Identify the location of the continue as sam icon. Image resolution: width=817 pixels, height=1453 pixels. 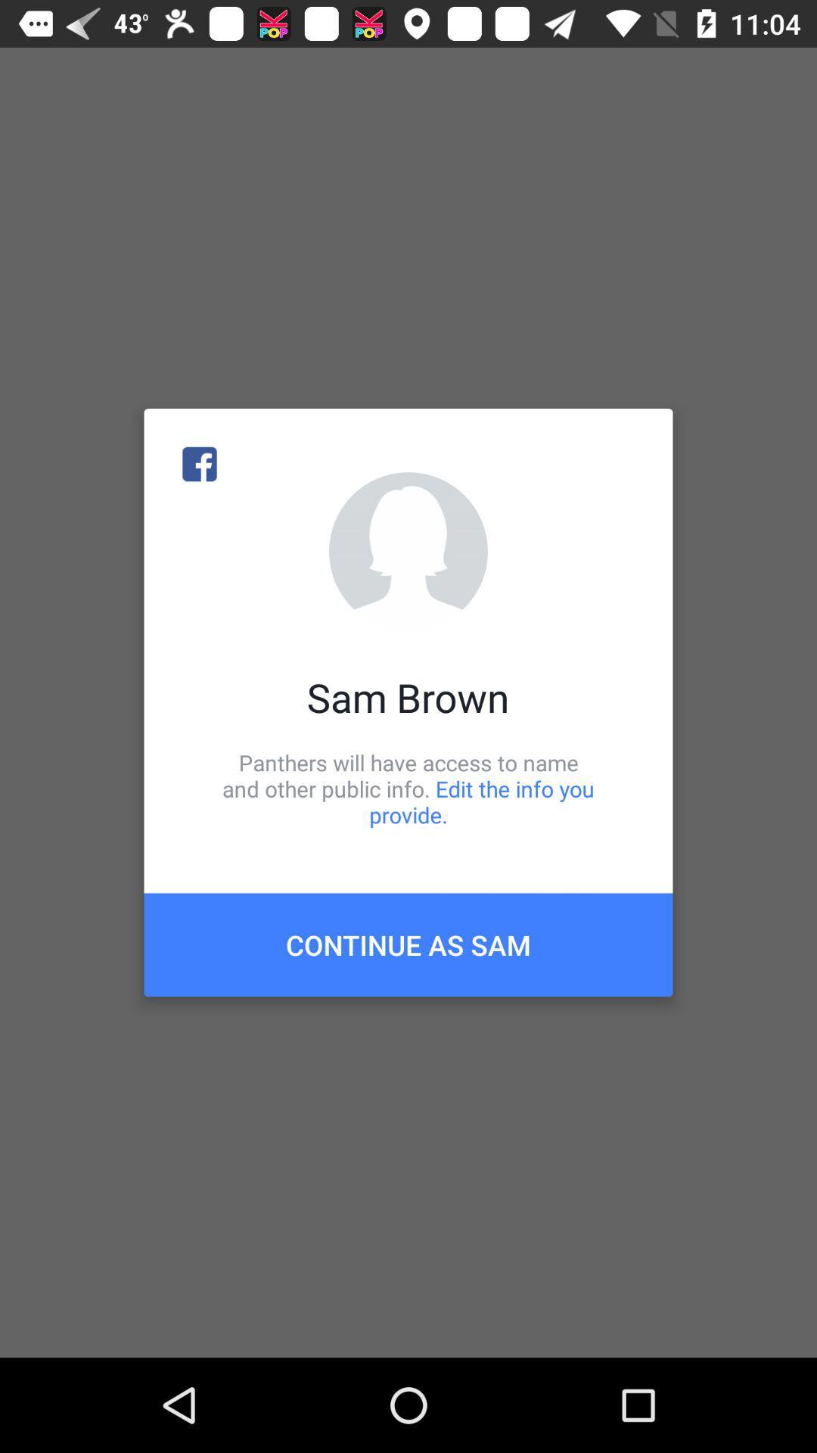
(408, 944).